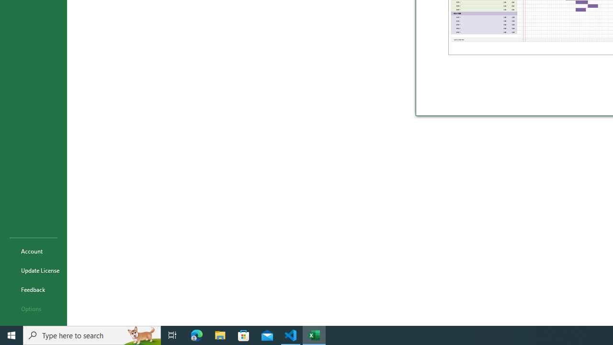 Image resolution: width=613 pixels, height=345 pixels. Describe the element at coordinates (220, 334) in the screenshot. I see `'File Explorer'` at that location.